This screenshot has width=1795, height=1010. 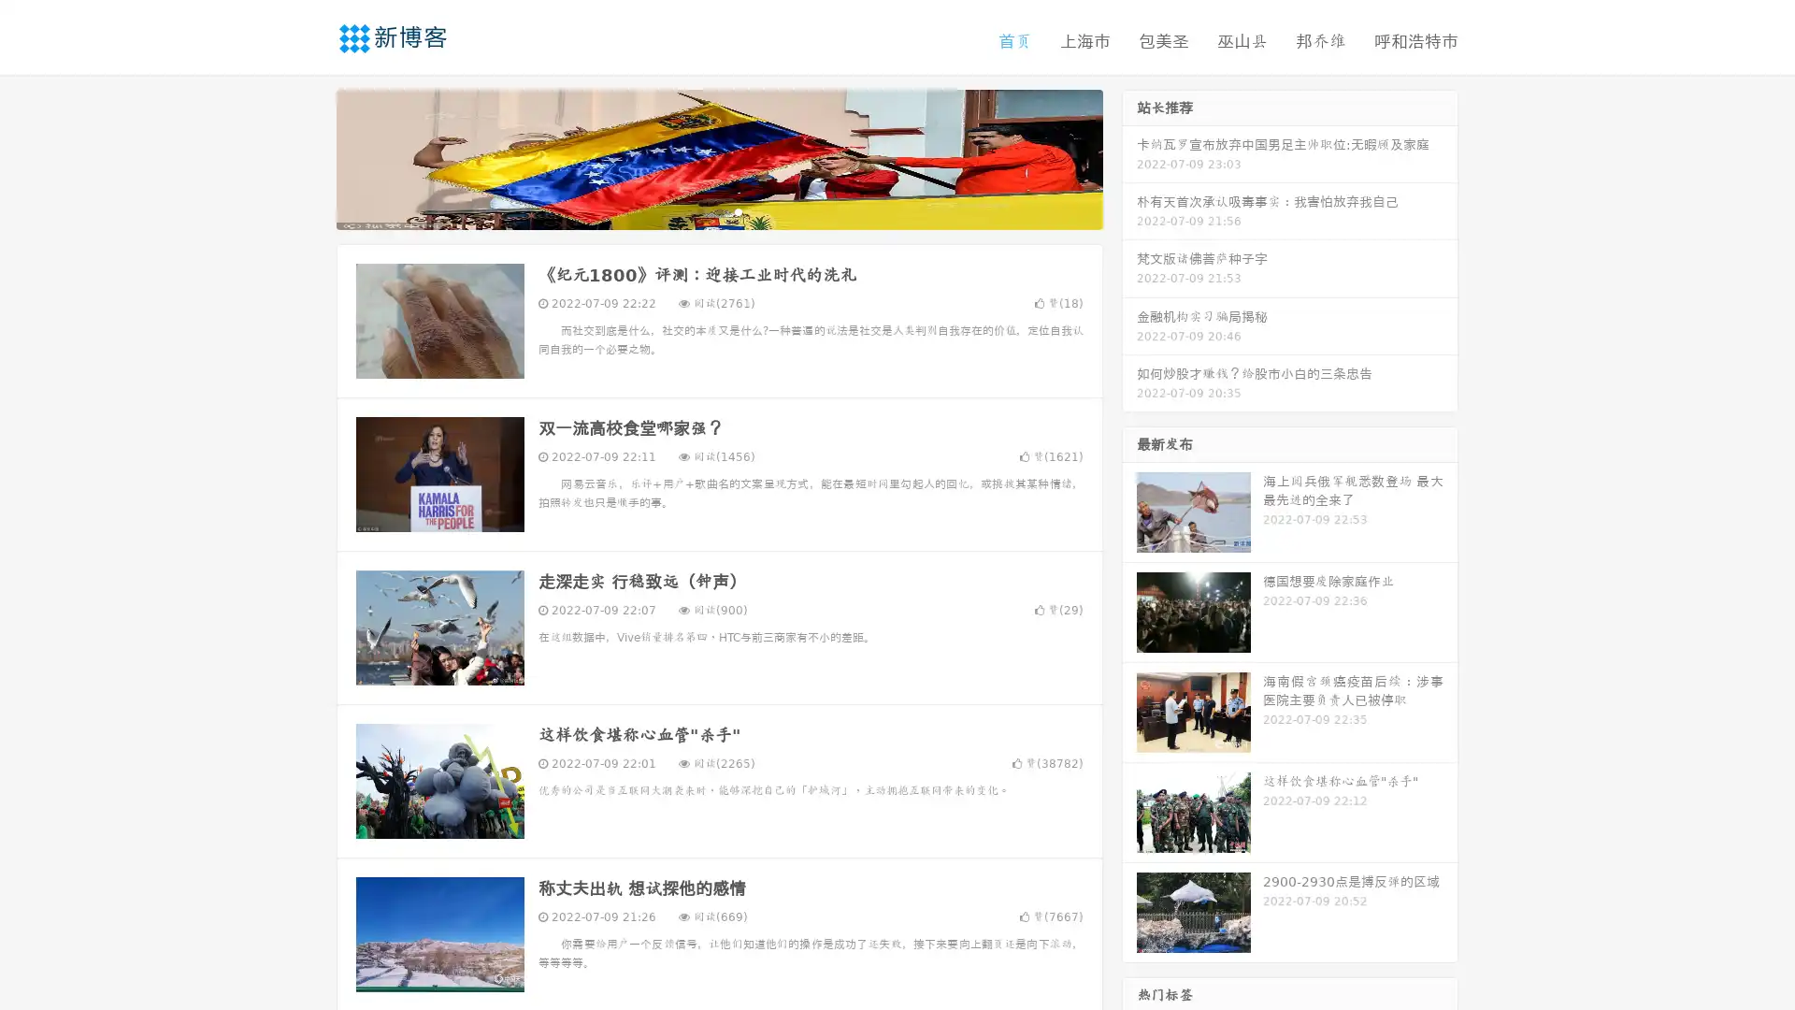 What do you see at coordinates (1129, 157) in the screenshot?
I see `Next slide` at bounding box center [1129, 157].